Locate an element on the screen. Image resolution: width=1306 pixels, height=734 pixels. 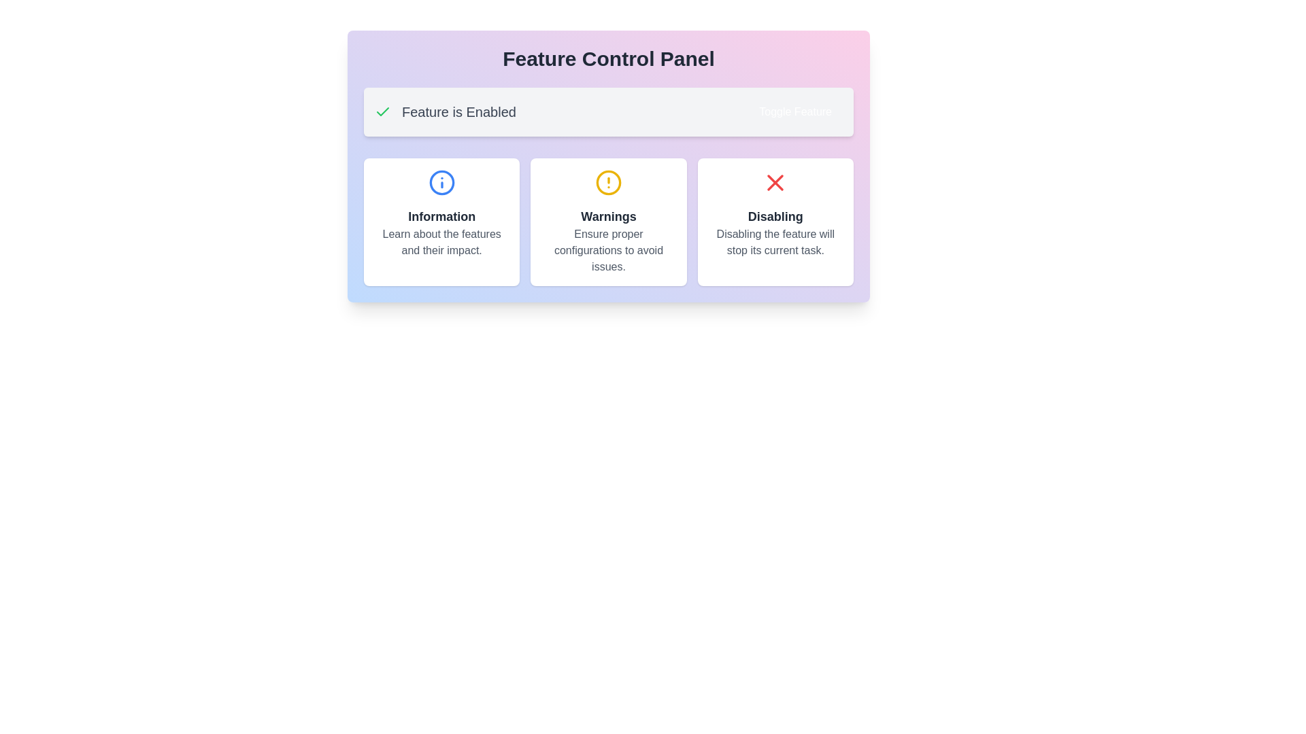
the circular blue 'info' icon featuring a bold 'i' symbol, located at the top of the 'Information' card is located at coordinates (441, 182).